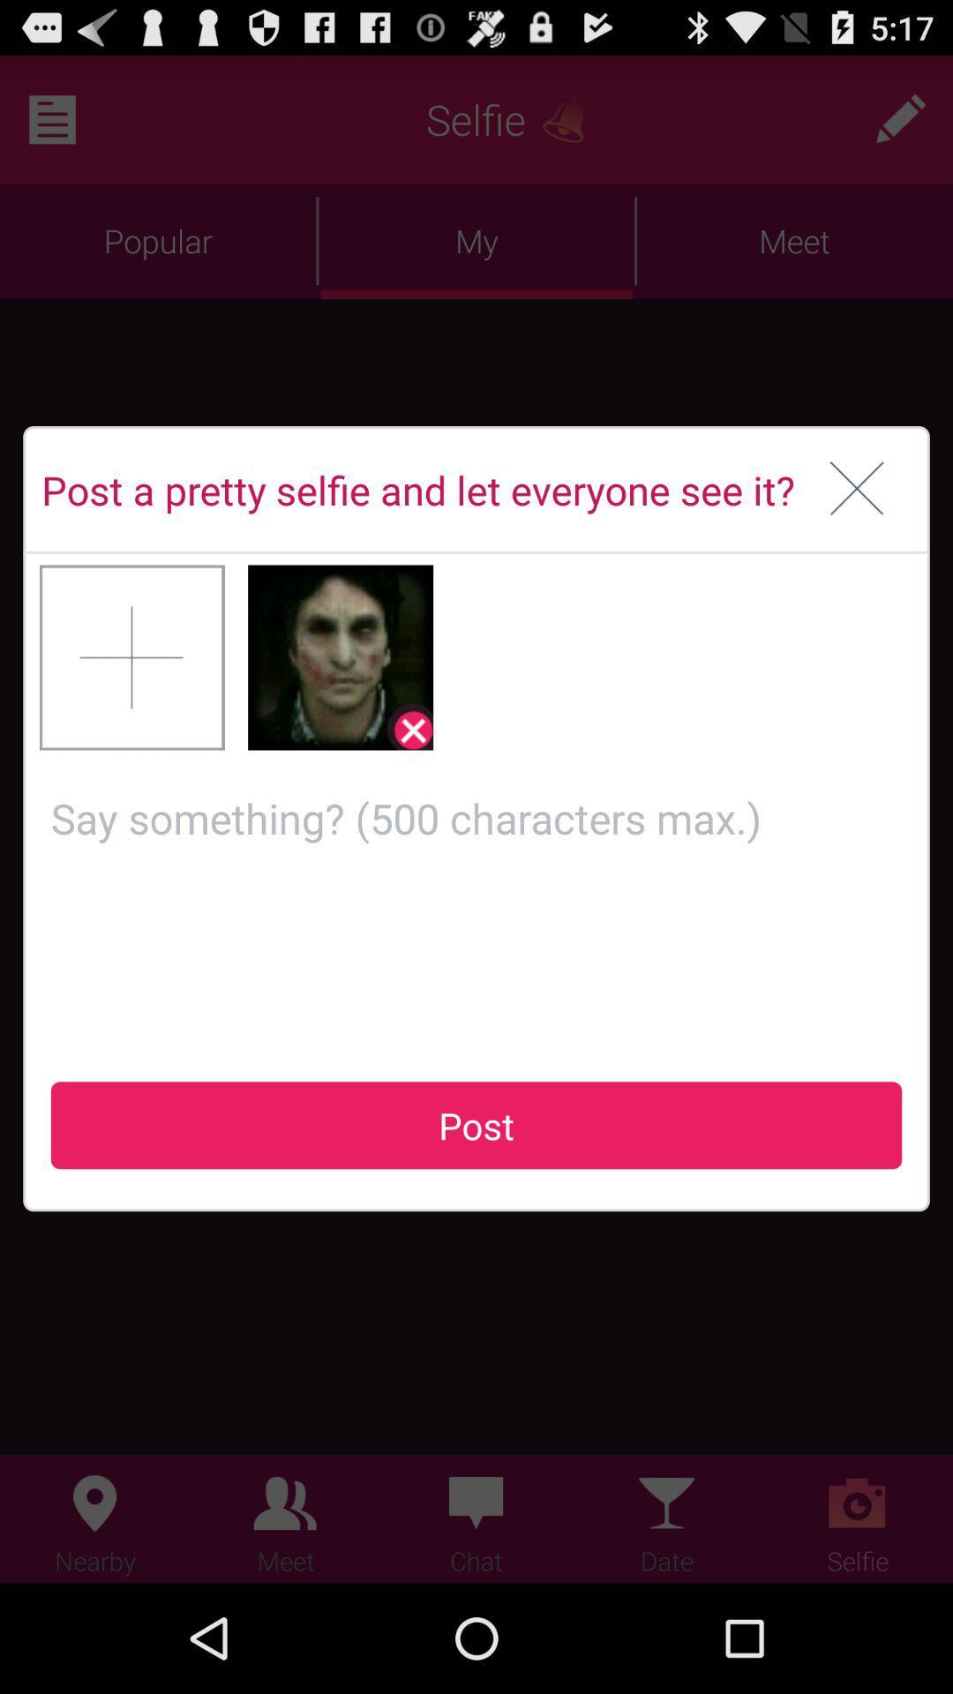  What do you see at coordinates (856, 490) in the screenshot?
I see `close` at bounding box center [856, 490].